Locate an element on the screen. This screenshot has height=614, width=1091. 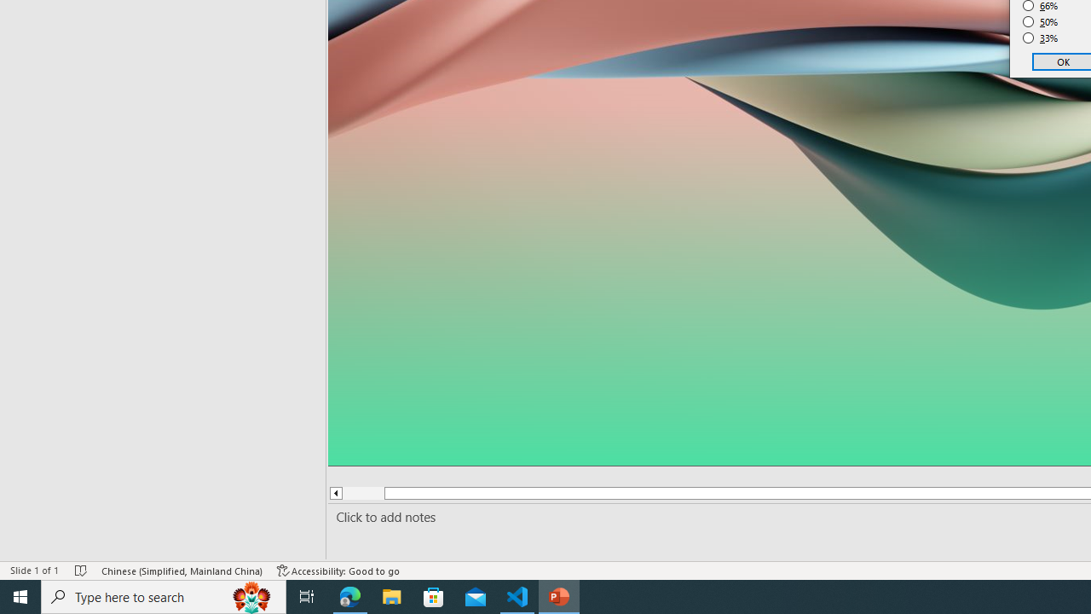
'Visual Studio Code - 1 running window' is located at coordinates (517, 595).